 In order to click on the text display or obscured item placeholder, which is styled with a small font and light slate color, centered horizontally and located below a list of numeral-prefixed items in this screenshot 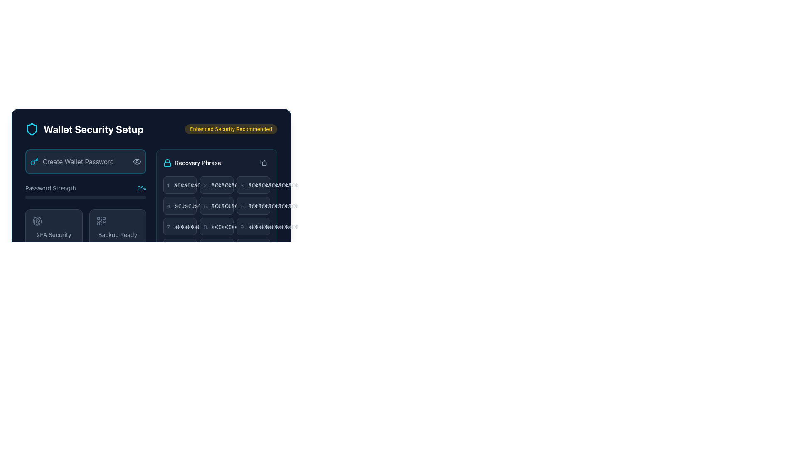, I will do `click(199, 227)`.